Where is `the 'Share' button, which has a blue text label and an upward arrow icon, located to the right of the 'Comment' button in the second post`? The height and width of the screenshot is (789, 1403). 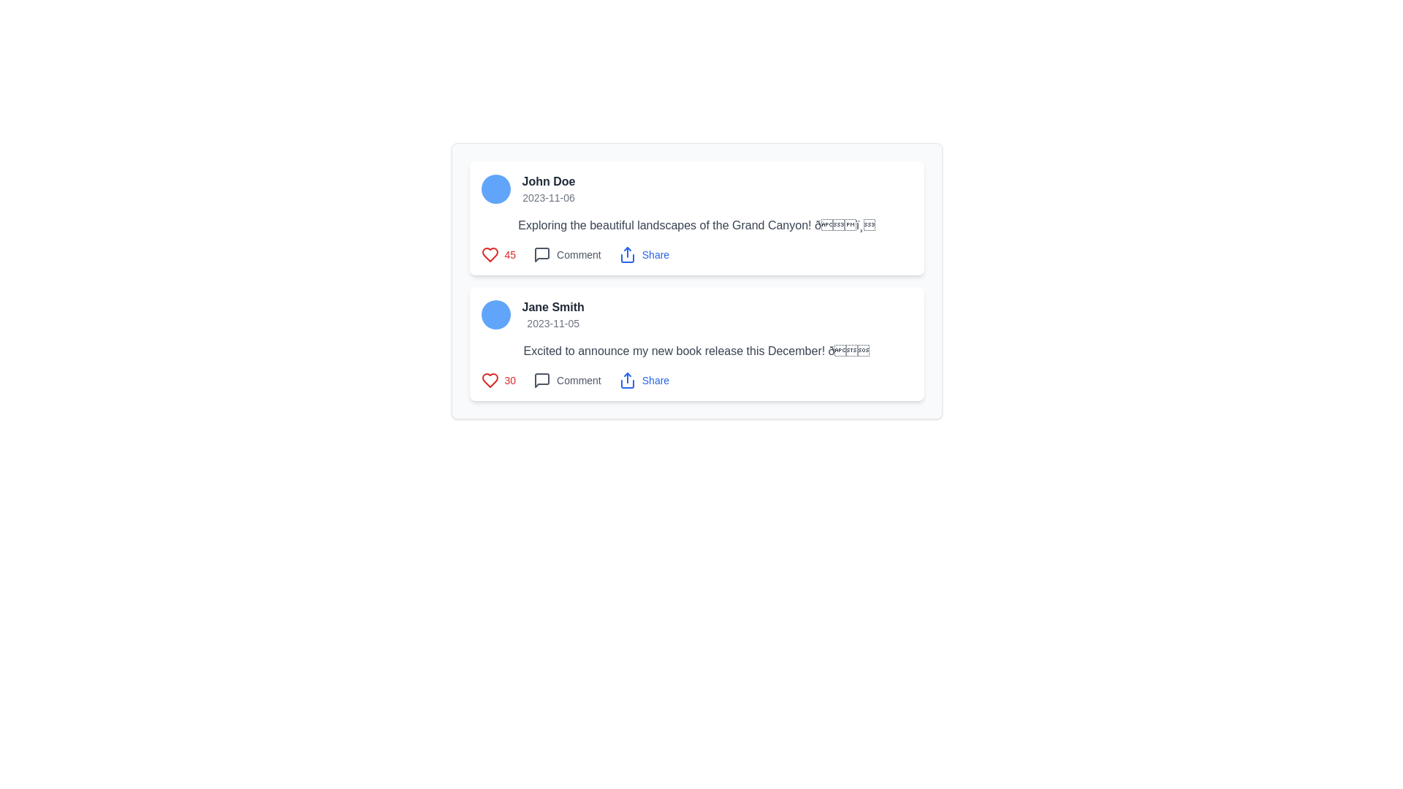
the 'Share' button, which has a blue text label and an upward arrow icon, located to the right of the 'Comment' button in the second post is located at coordinates (643, 379).